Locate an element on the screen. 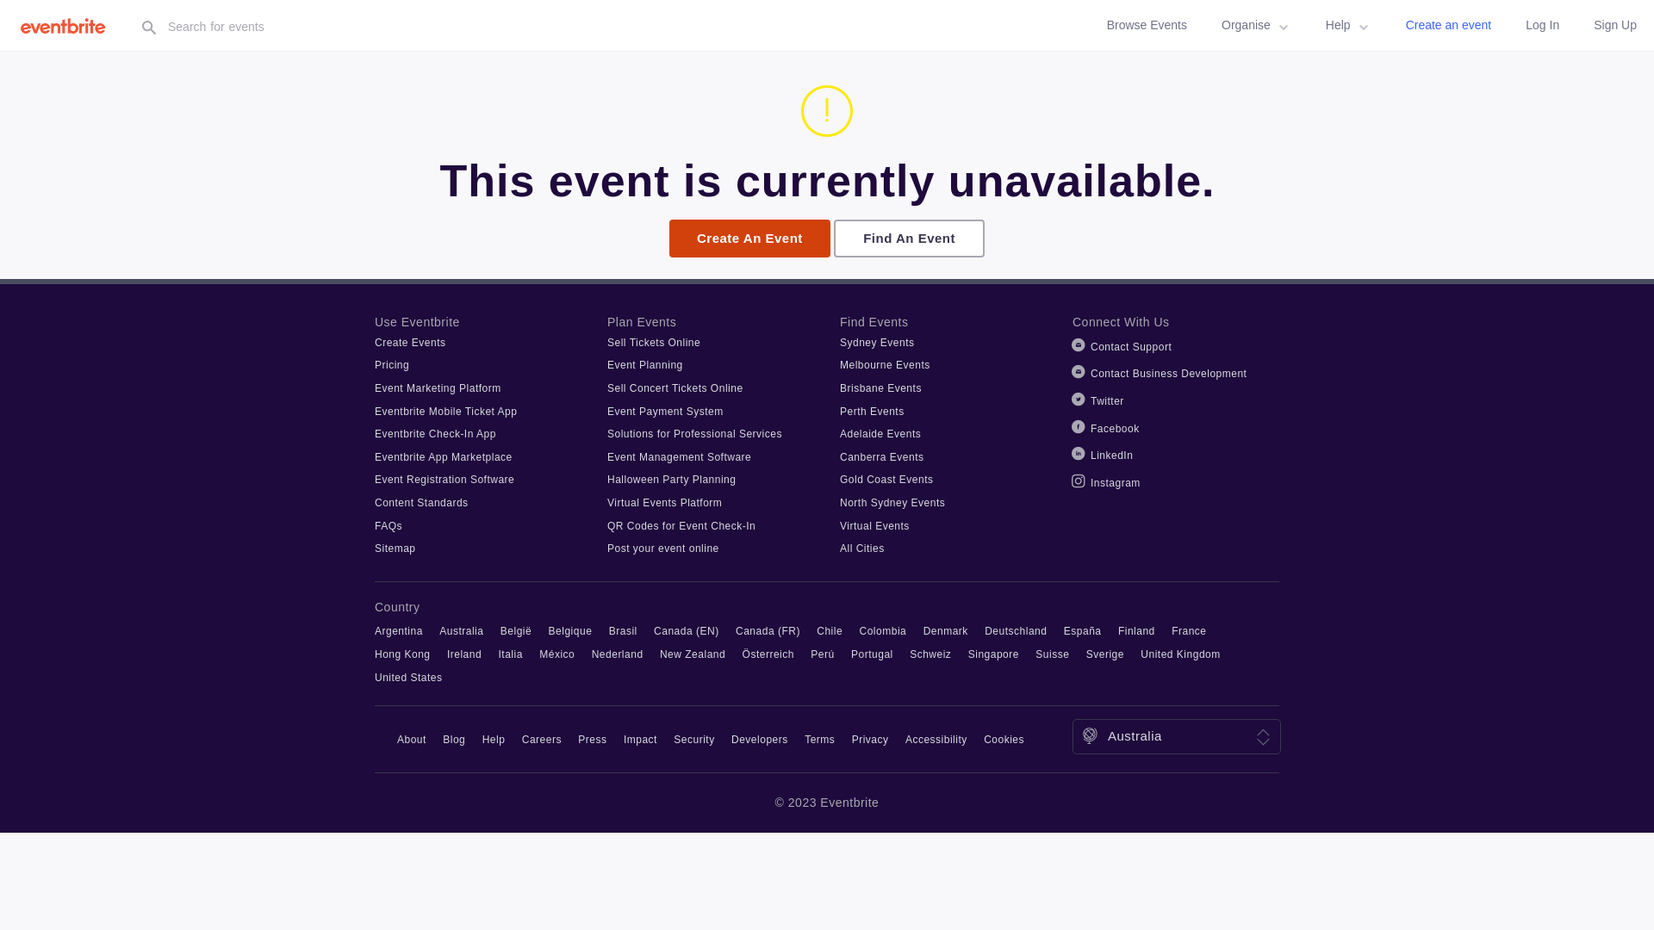  'France' is located at coordinates (1171, 630).